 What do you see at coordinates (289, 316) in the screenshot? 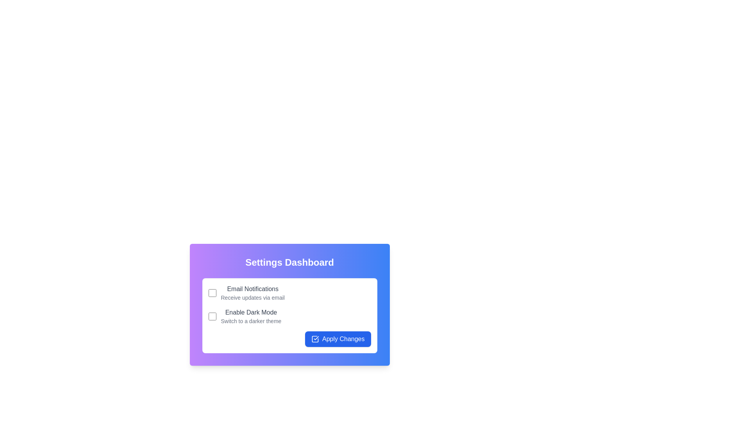
I see `the checkbox for toggling dark mode in the settings panel` at bounding box center [289, 316].